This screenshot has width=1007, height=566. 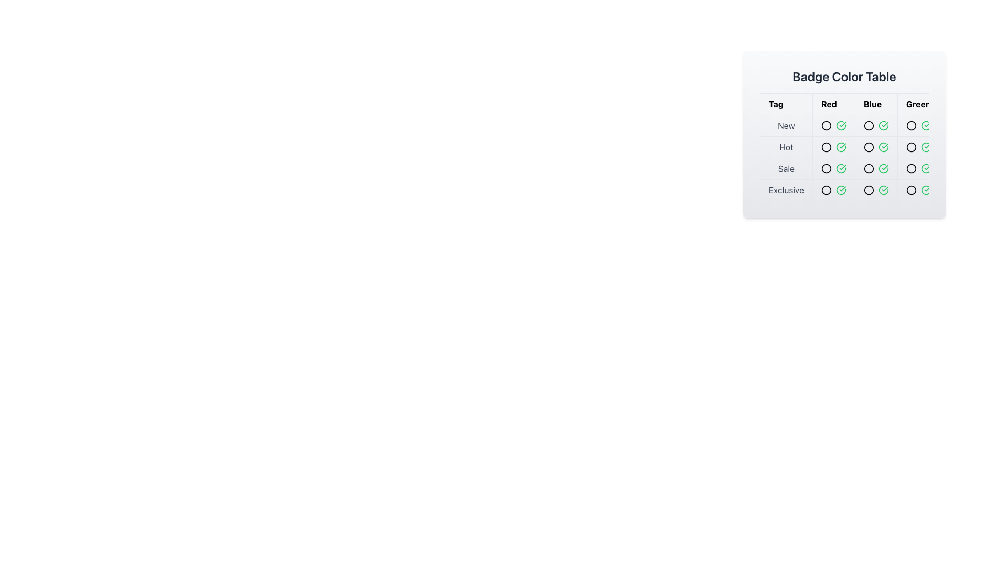 I want to click on the static blue circular icon in the 'Sale' row under the 'Blue' column of the badge color table, so click(x=869, y=168).